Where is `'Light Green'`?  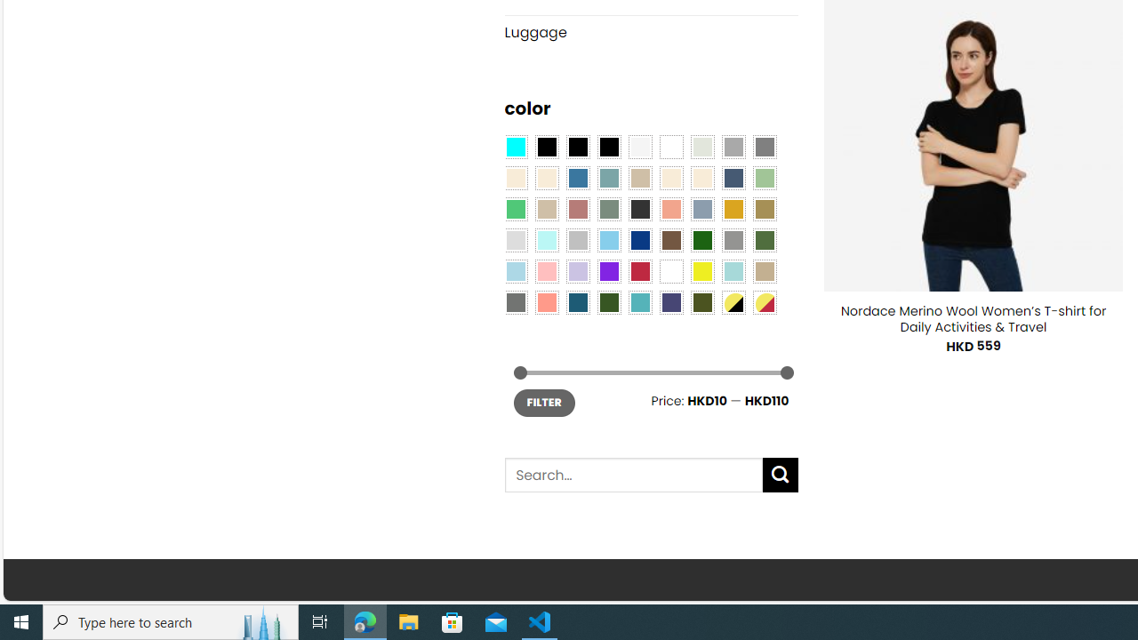 'Light Green' is located at coordinates (765, 178).